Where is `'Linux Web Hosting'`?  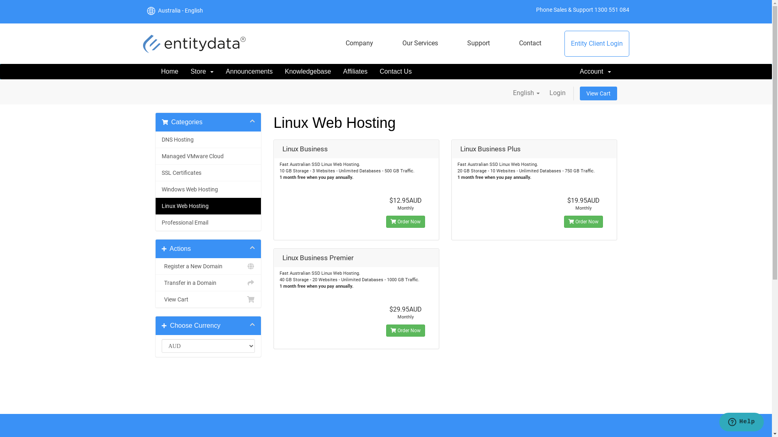 'Linux Web Hosting' is located at coordinates (208, 206).